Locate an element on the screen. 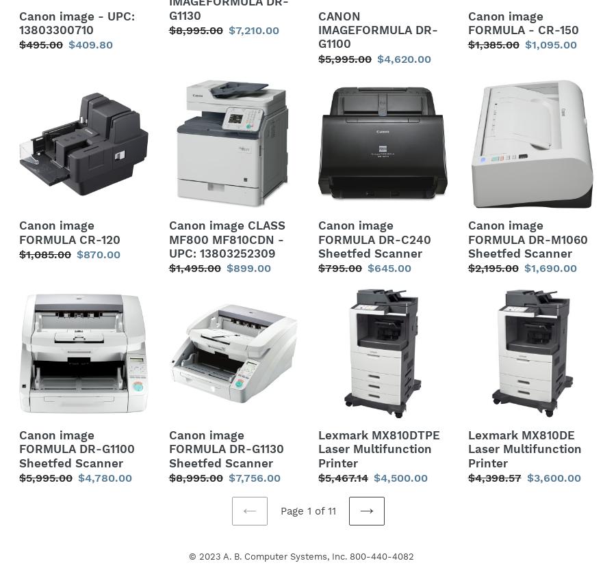 The image size is (616, 574). '$2,195.00' is located at coordinates (492, 268).